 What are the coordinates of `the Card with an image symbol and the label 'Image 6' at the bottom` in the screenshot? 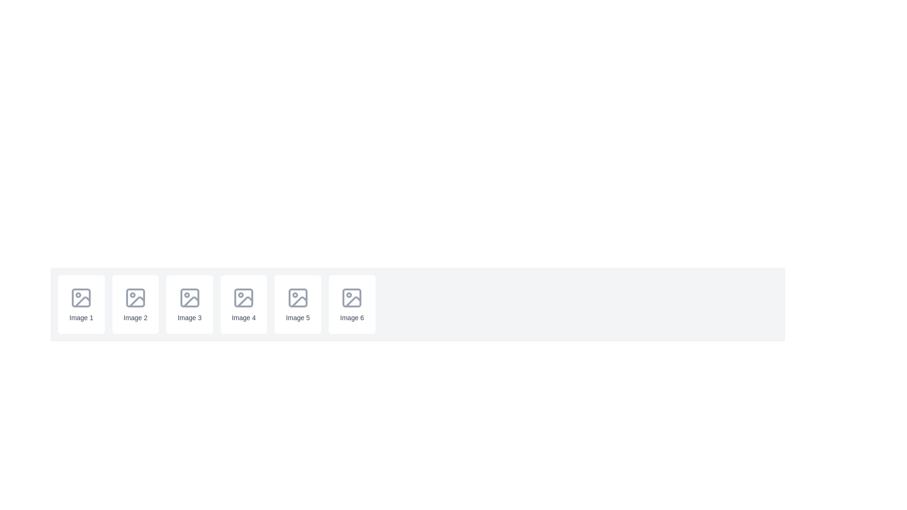 It's located at (351, 304).